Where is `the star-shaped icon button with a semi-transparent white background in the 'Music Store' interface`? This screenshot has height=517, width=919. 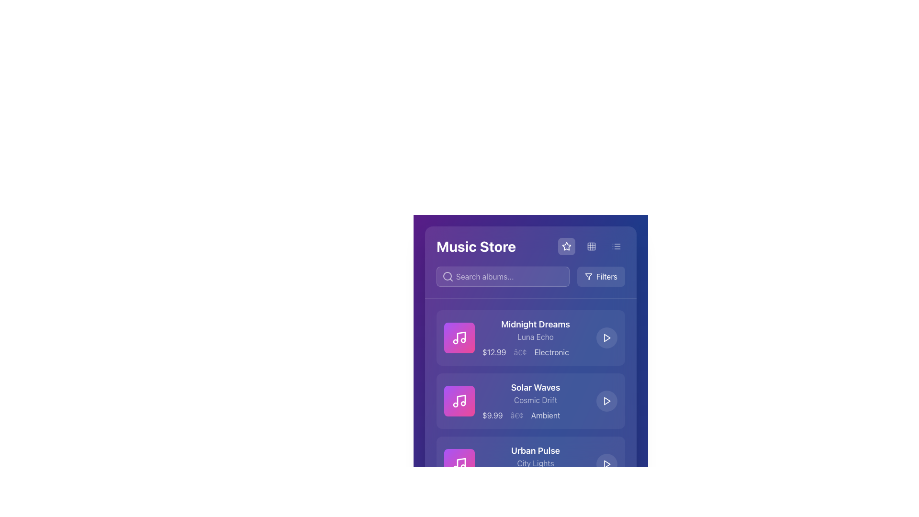 the star-shaped icon button with a semi-transparent white background in the 'Music Store' interface is located at coordinates (567, 246).